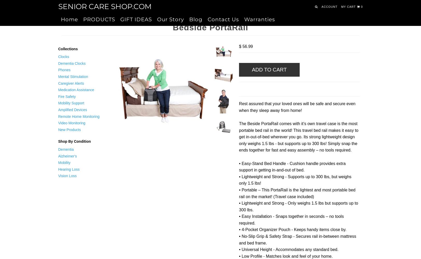  Describe the element at coordinates (65, 149) in the screenshot. I see `'Dementia'` at that location.